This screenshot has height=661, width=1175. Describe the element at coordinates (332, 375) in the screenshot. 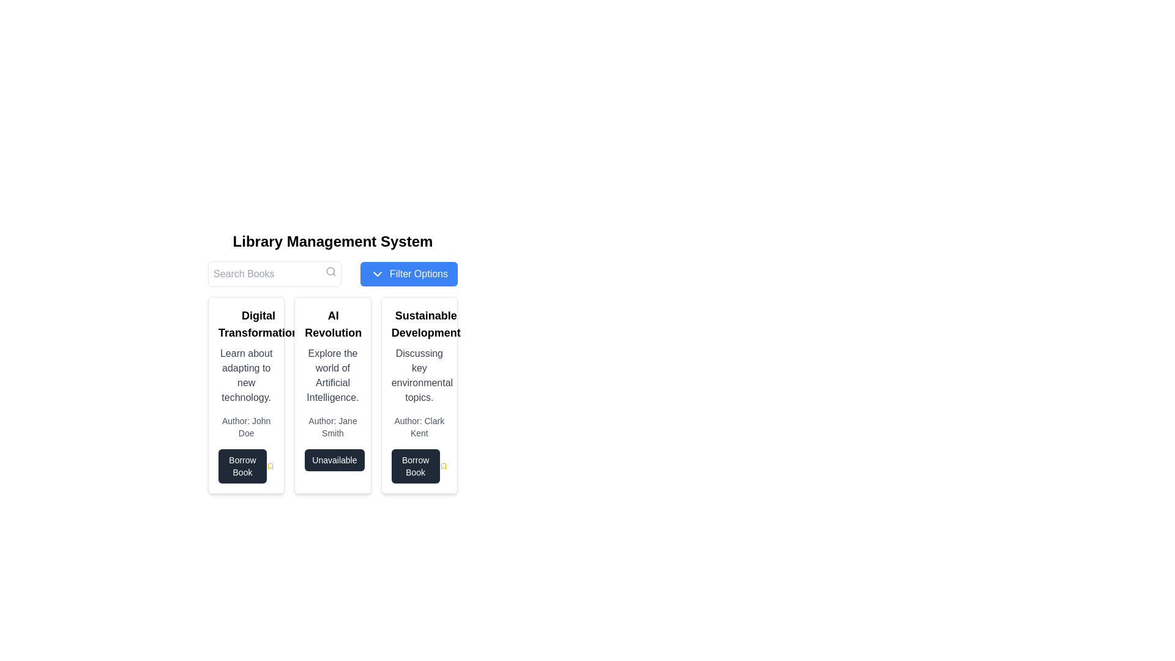

I see `text content of the paragraph that says 'Explore the world of Artificial Intelligence.' which is styled in gray and located in the center of the second card below the title 'AI Revolution'` at that location.